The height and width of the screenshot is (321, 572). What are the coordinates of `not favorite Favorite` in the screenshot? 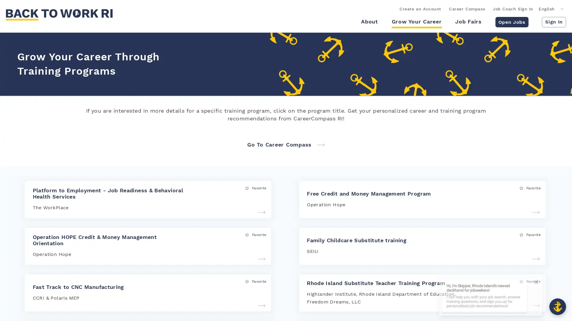 It's located at (256, 281).